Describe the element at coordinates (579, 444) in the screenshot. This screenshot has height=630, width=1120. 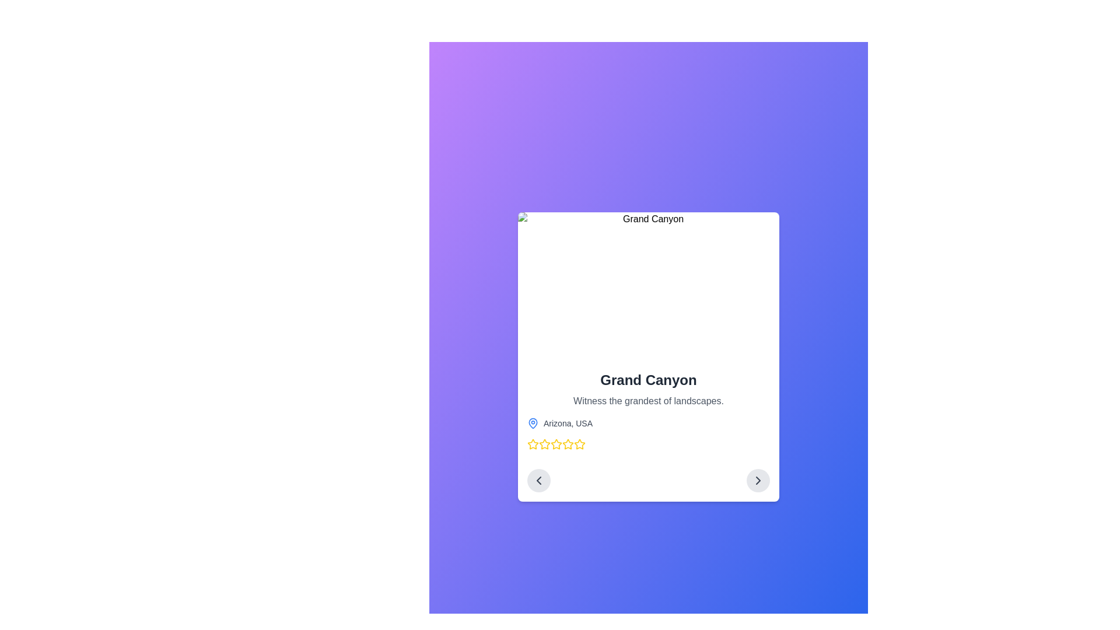
I see `the fourth star-shaped icon in the rating system below 'Arizona, USA' to rate it` at that location.